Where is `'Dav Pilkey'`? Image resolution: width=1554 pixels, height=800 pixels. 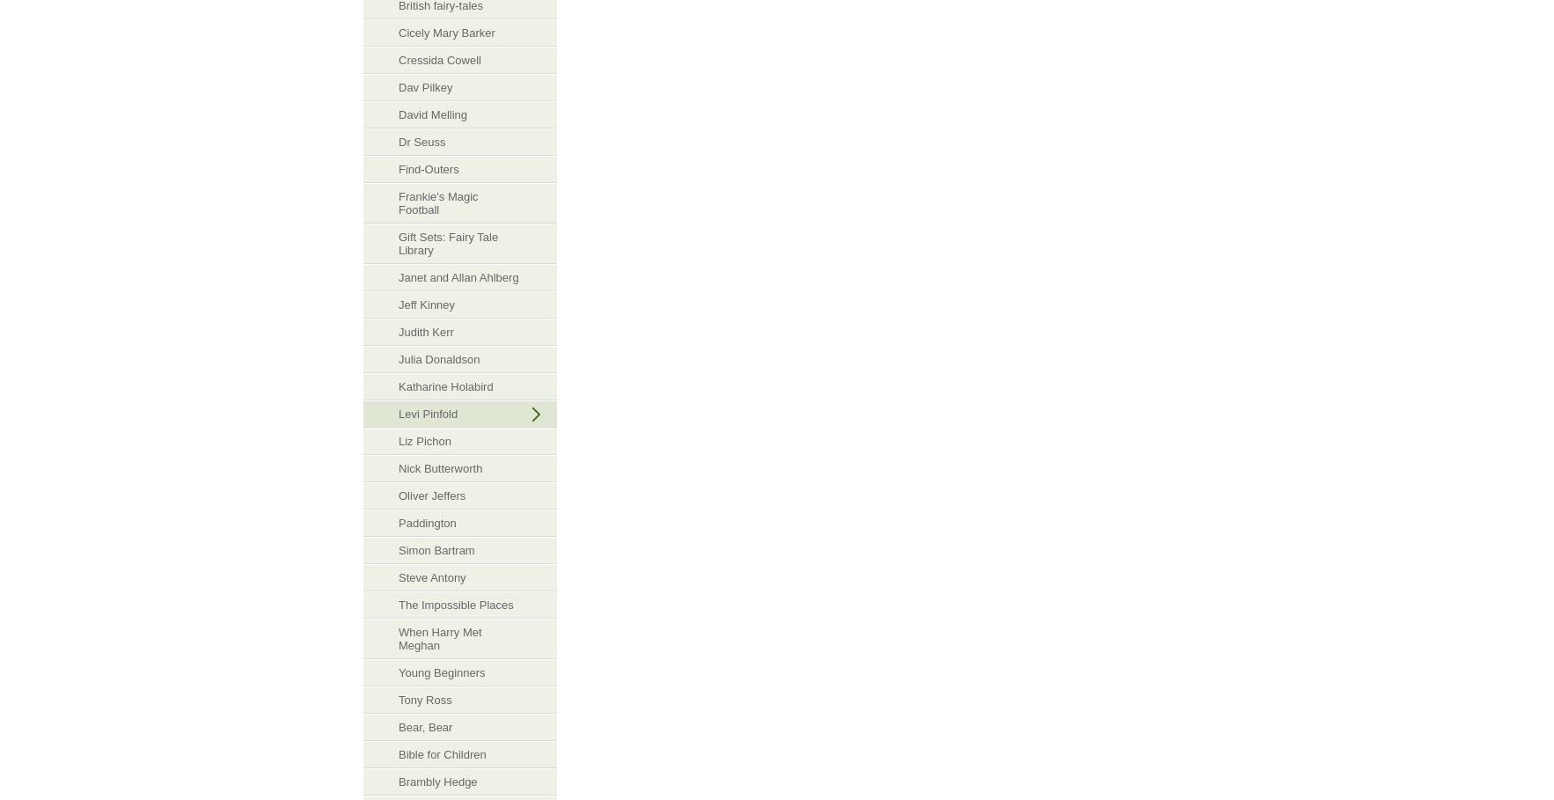 'Dav Pilkey' is located at coordinates (425, 86).